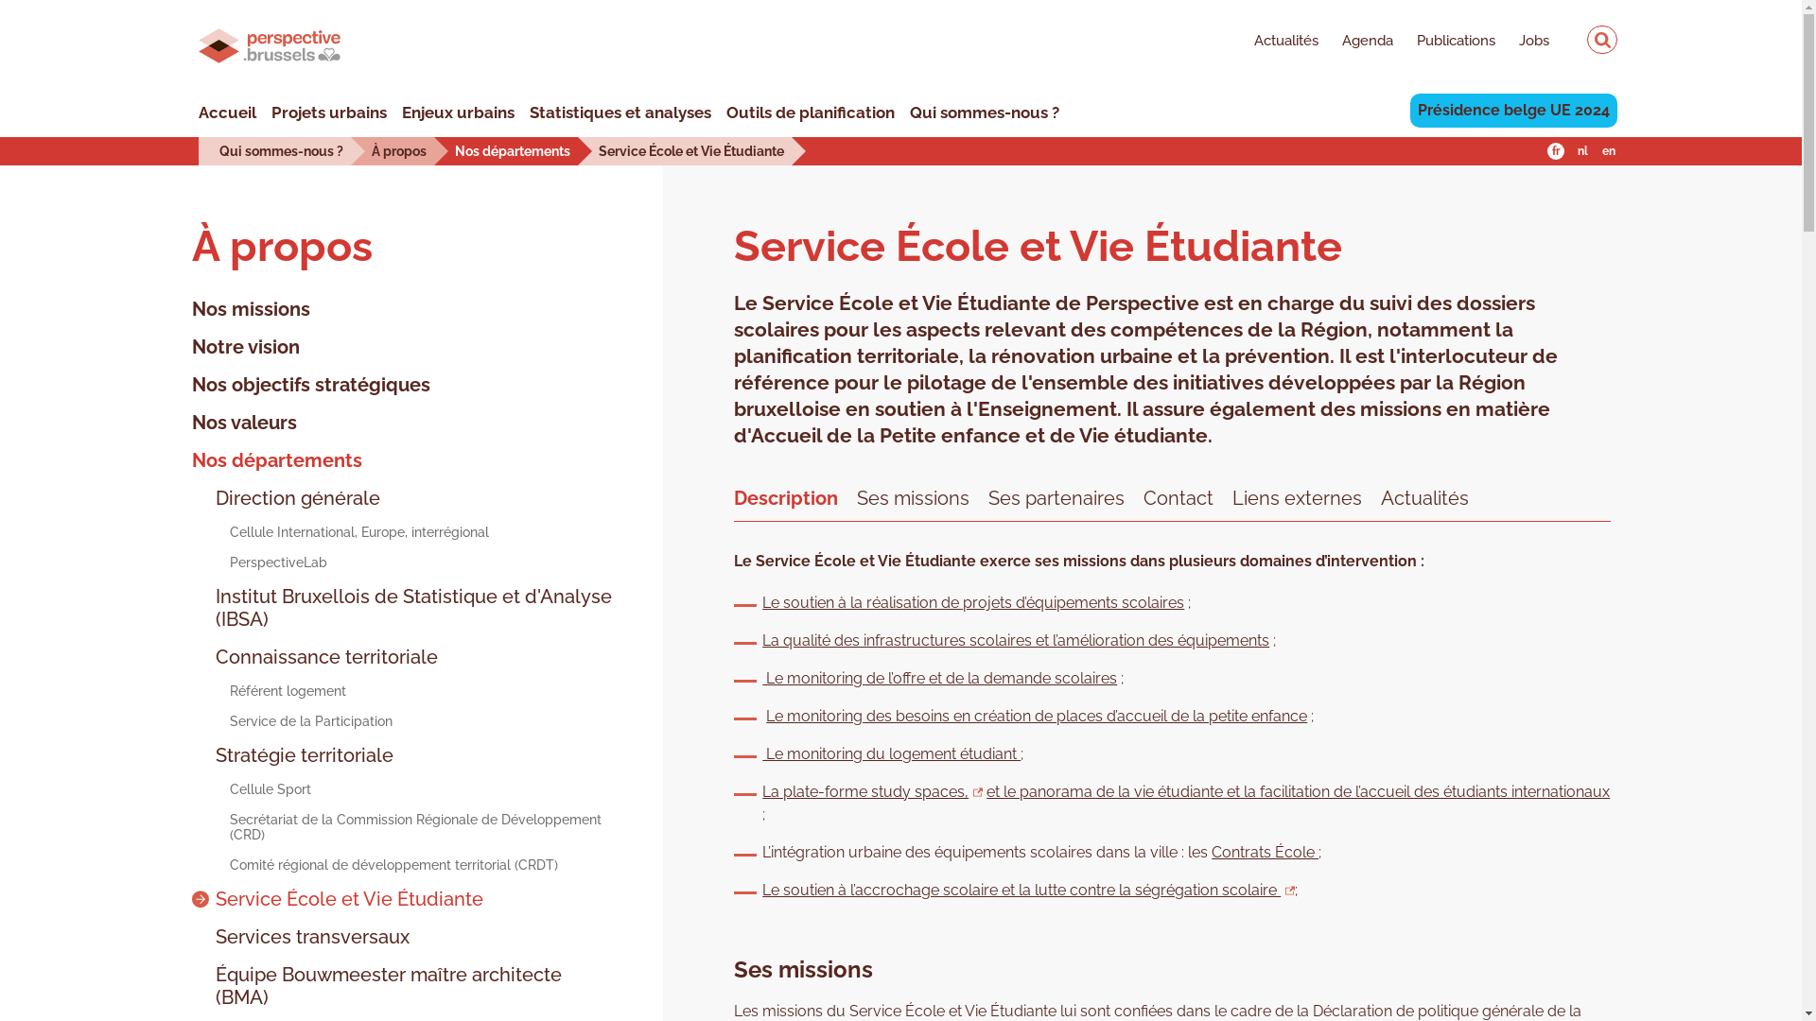  What do you see at coordinates (1556, 149) in the screenshot?
I see `'fr'` at bounding box center [1556, 149].